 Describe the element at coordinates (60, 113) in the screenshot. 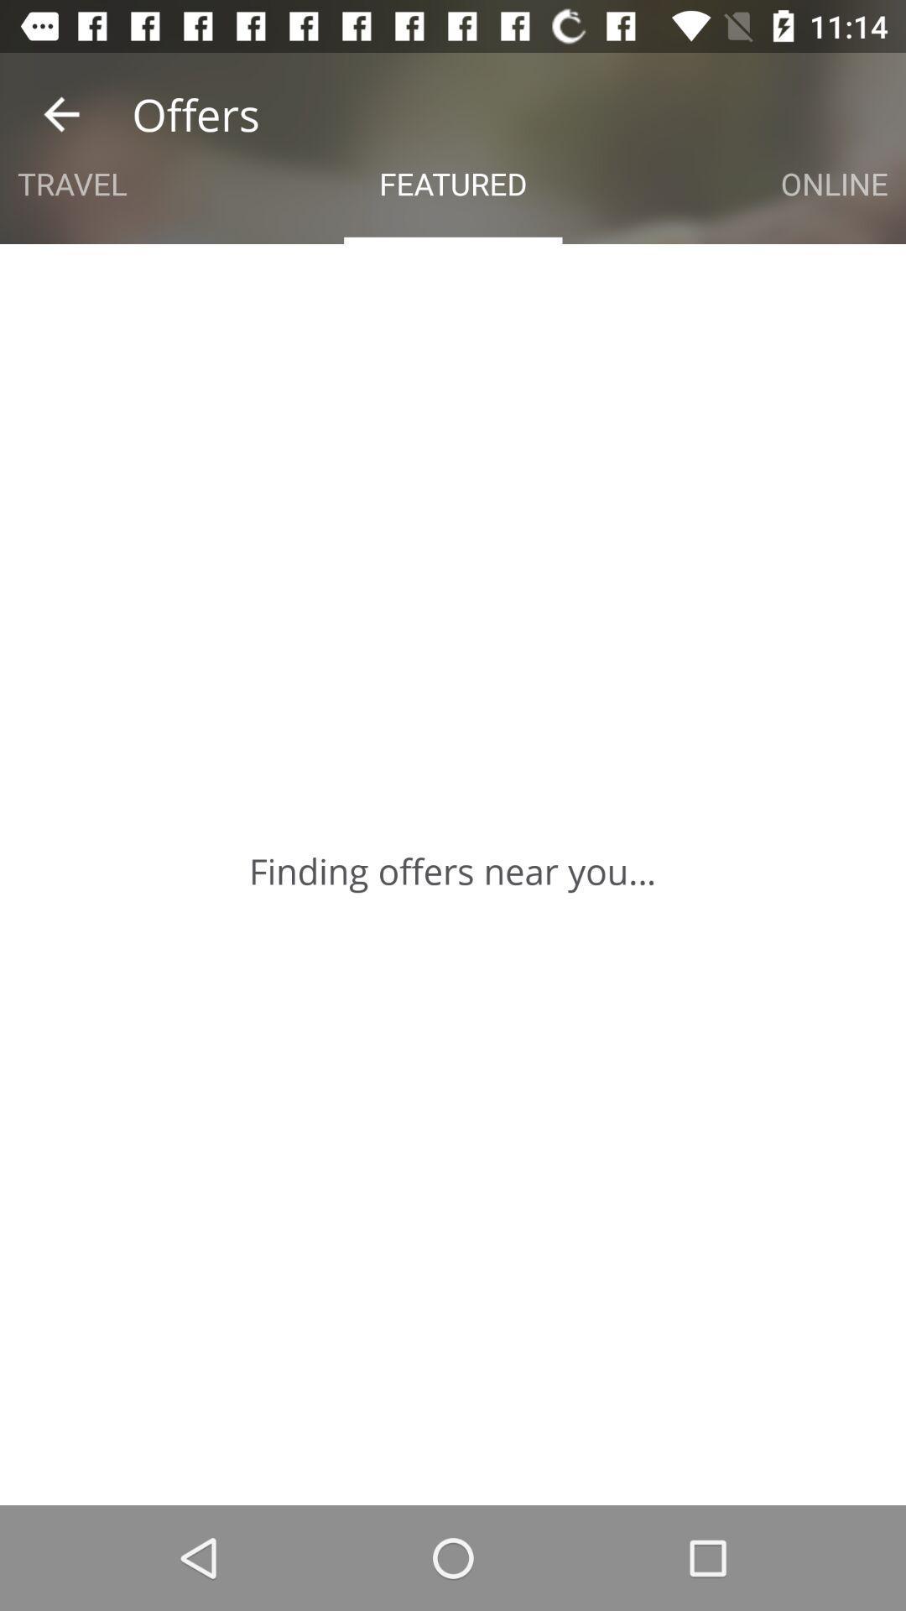

I see `previous page` at that location.